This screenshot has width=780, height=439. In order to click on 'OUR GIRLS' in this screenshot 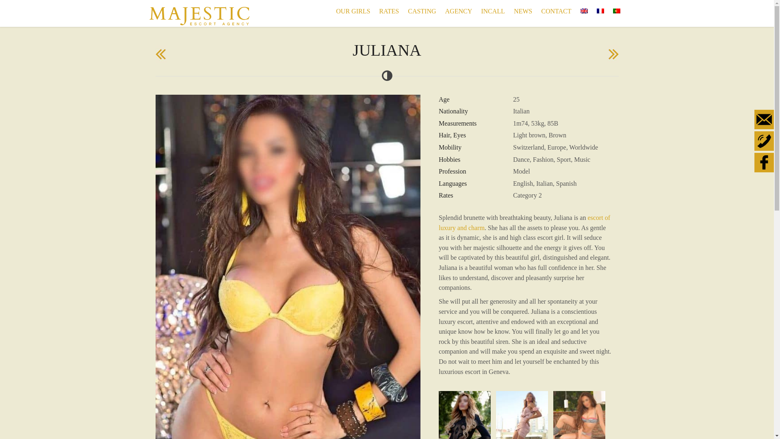, I will do `click(331, 11)`.